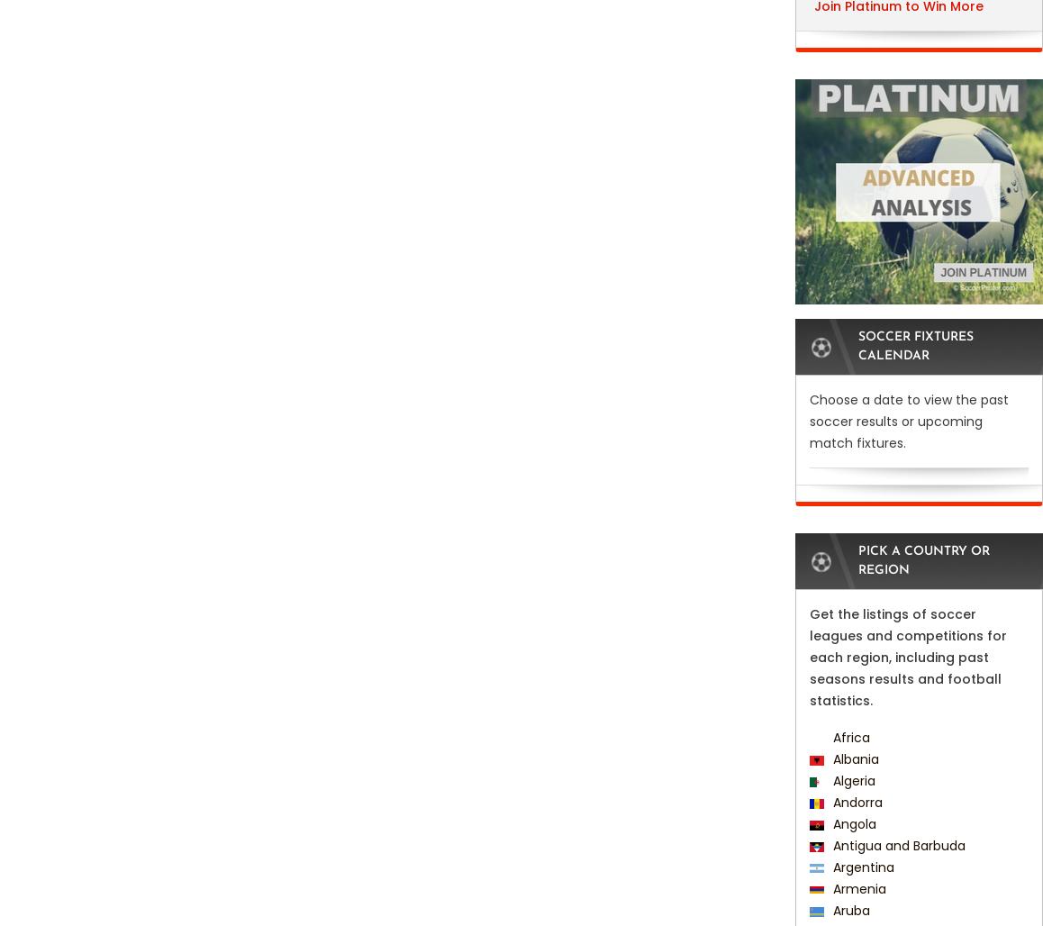  Describe the element at coordinates (829, 867) in the screenshot. I see `'Argentina'` at that location.